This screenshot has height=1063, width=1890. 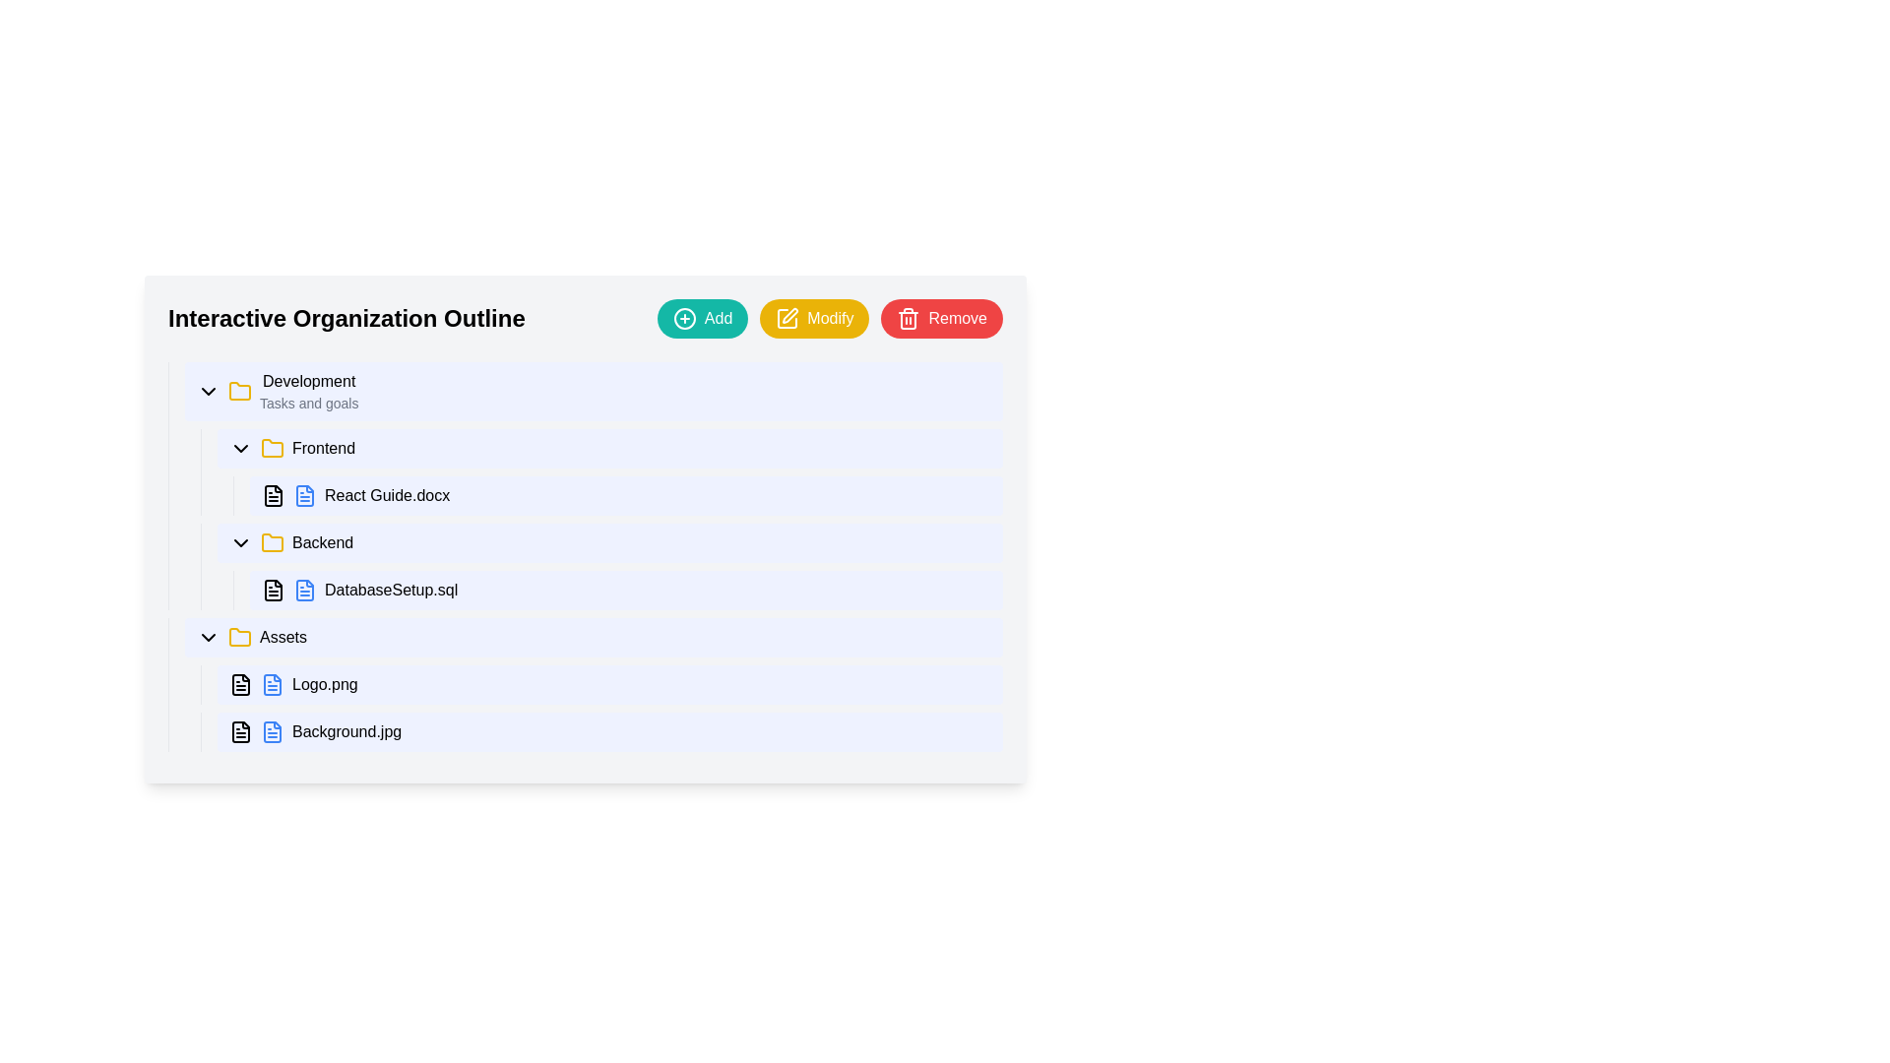 What do you see at coordinates (272, 732) in the screenshot?
I see `the rectangular blue icon representing the 'Background.jpg' file entry` at bounding box center [272, 732].